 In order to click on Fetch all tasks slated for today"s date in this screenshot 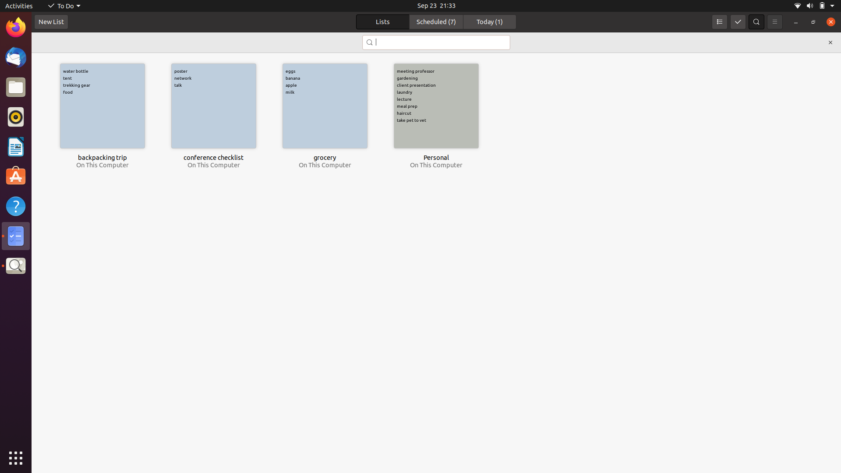, I will do `click(489, 21)`.